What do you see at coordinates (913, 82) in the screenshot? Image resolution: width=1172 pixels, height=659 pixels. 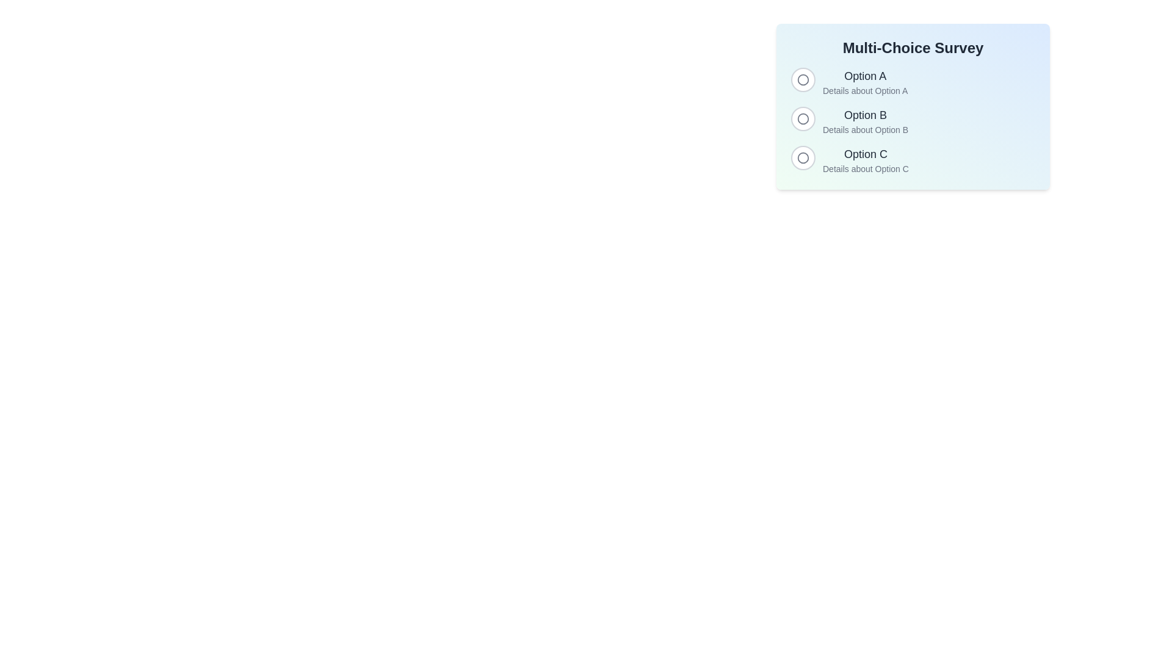 I see `the radio button` at bounding box center [913, 82].